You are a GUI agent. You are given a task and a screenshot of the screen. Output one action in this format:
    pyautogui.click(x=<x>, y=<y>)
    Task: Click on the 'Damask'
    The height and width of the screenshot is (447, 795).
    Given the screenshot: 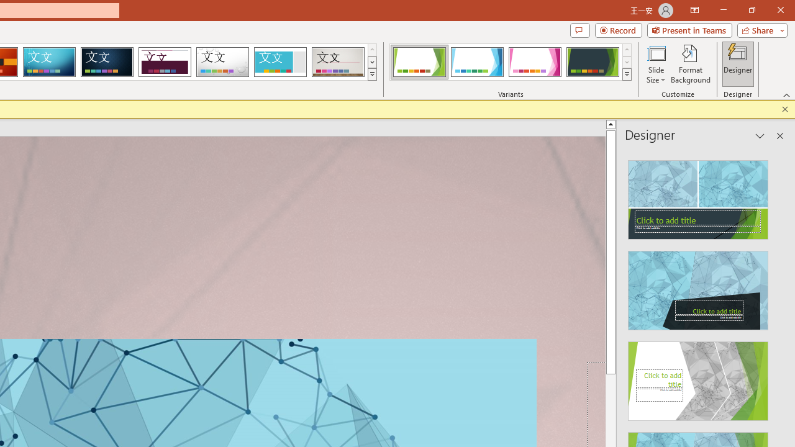 What is the action you would take?
    pyautogui.click(x=107, y=62)
    